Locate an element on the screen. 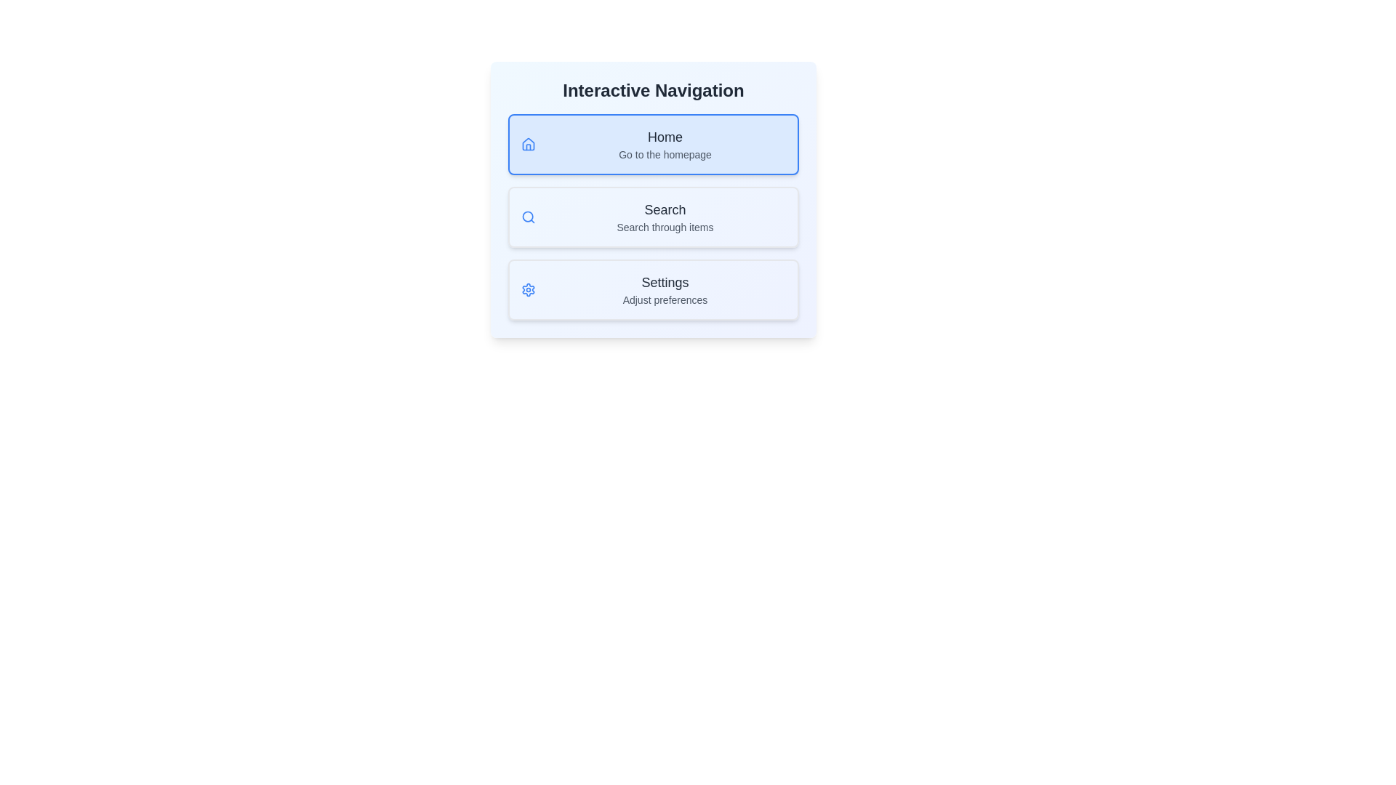  the menu item Search by clicking on it is located at coordinates (652, 217).